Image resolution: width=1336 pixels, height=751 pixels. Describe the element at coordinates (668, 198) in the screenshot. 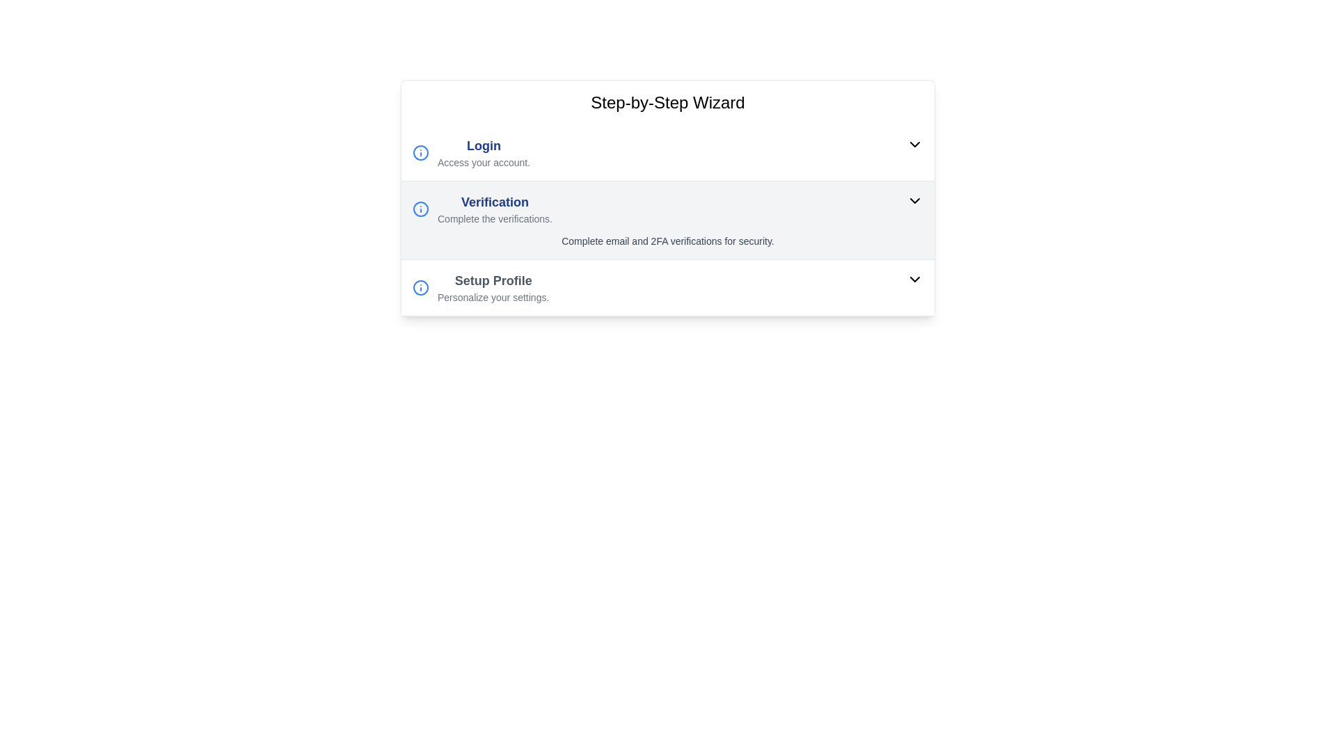

I see `the second step of the wizard step component` at that location.